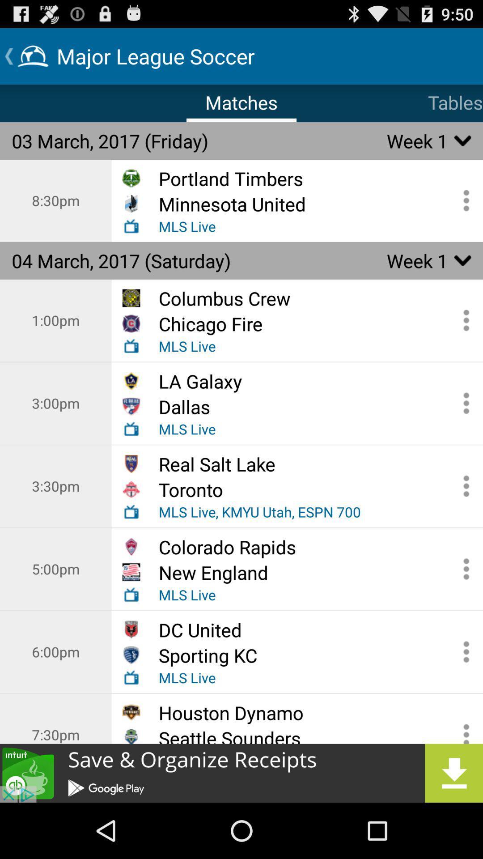  I want to click on the third more button, so click(463, 403).